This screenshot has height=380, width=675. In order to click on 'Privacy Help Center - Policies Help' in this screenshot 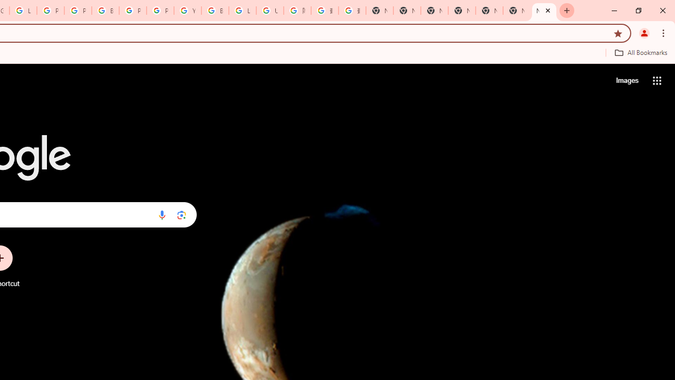, I will do `click(77, 11)`.